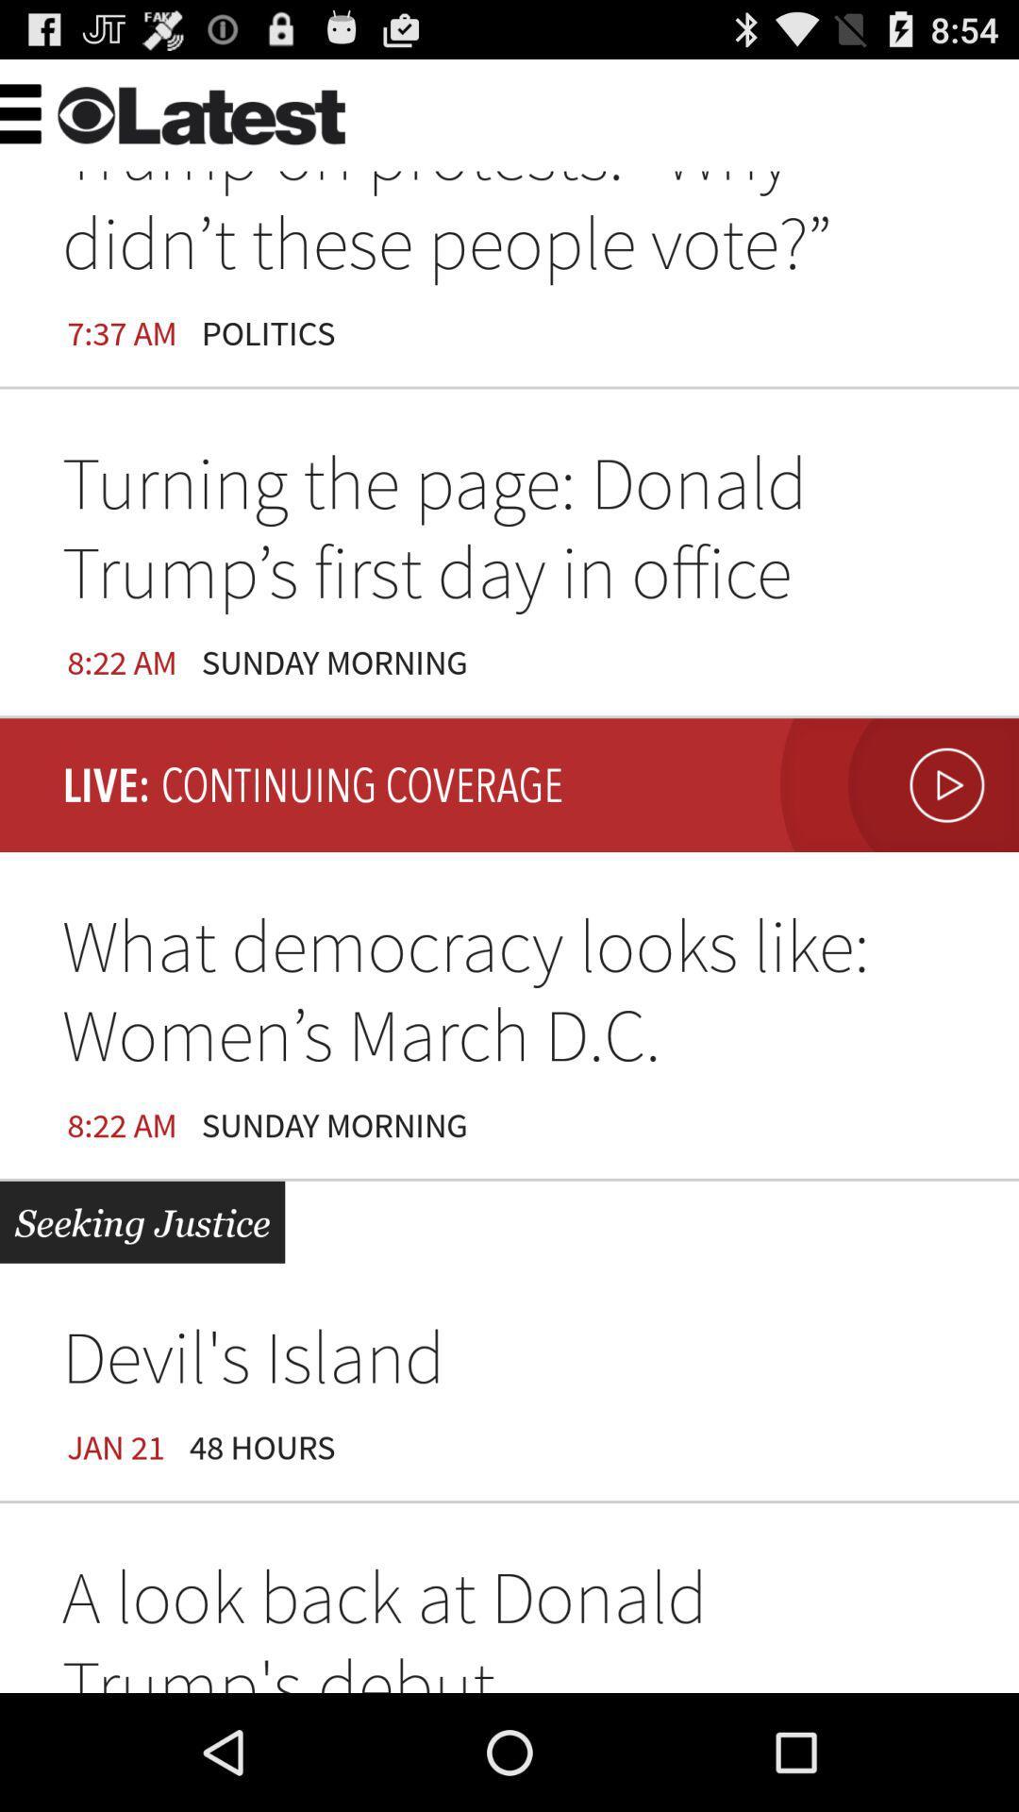 Image resolution: width=1019 pixels, height=1812 pixels. Describe the element at coordinates (894, 785) in the screenshot. I see `video` at that location.